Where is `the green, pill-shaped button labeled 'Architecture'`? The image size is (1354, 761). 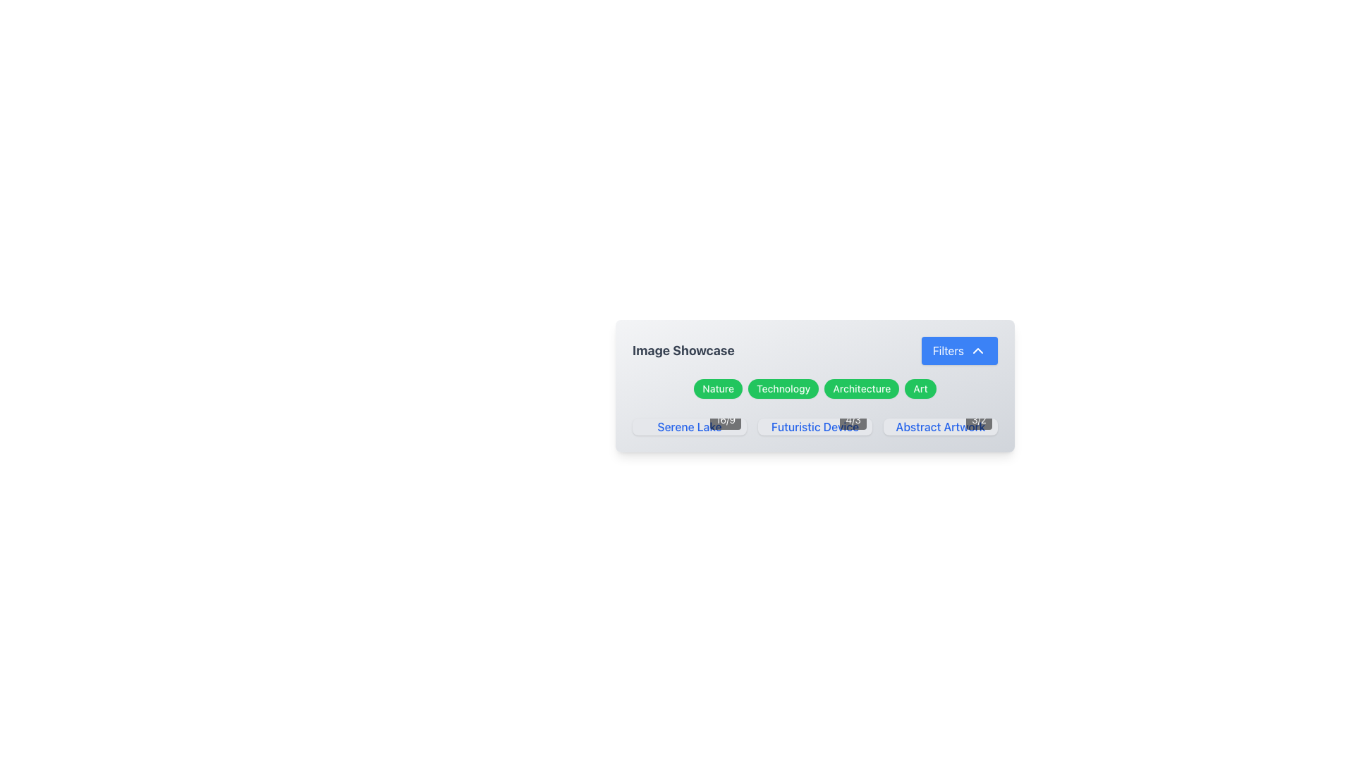 the green, pill-shaped button labeled 'Architecture' is located at coordinates (861, 388).